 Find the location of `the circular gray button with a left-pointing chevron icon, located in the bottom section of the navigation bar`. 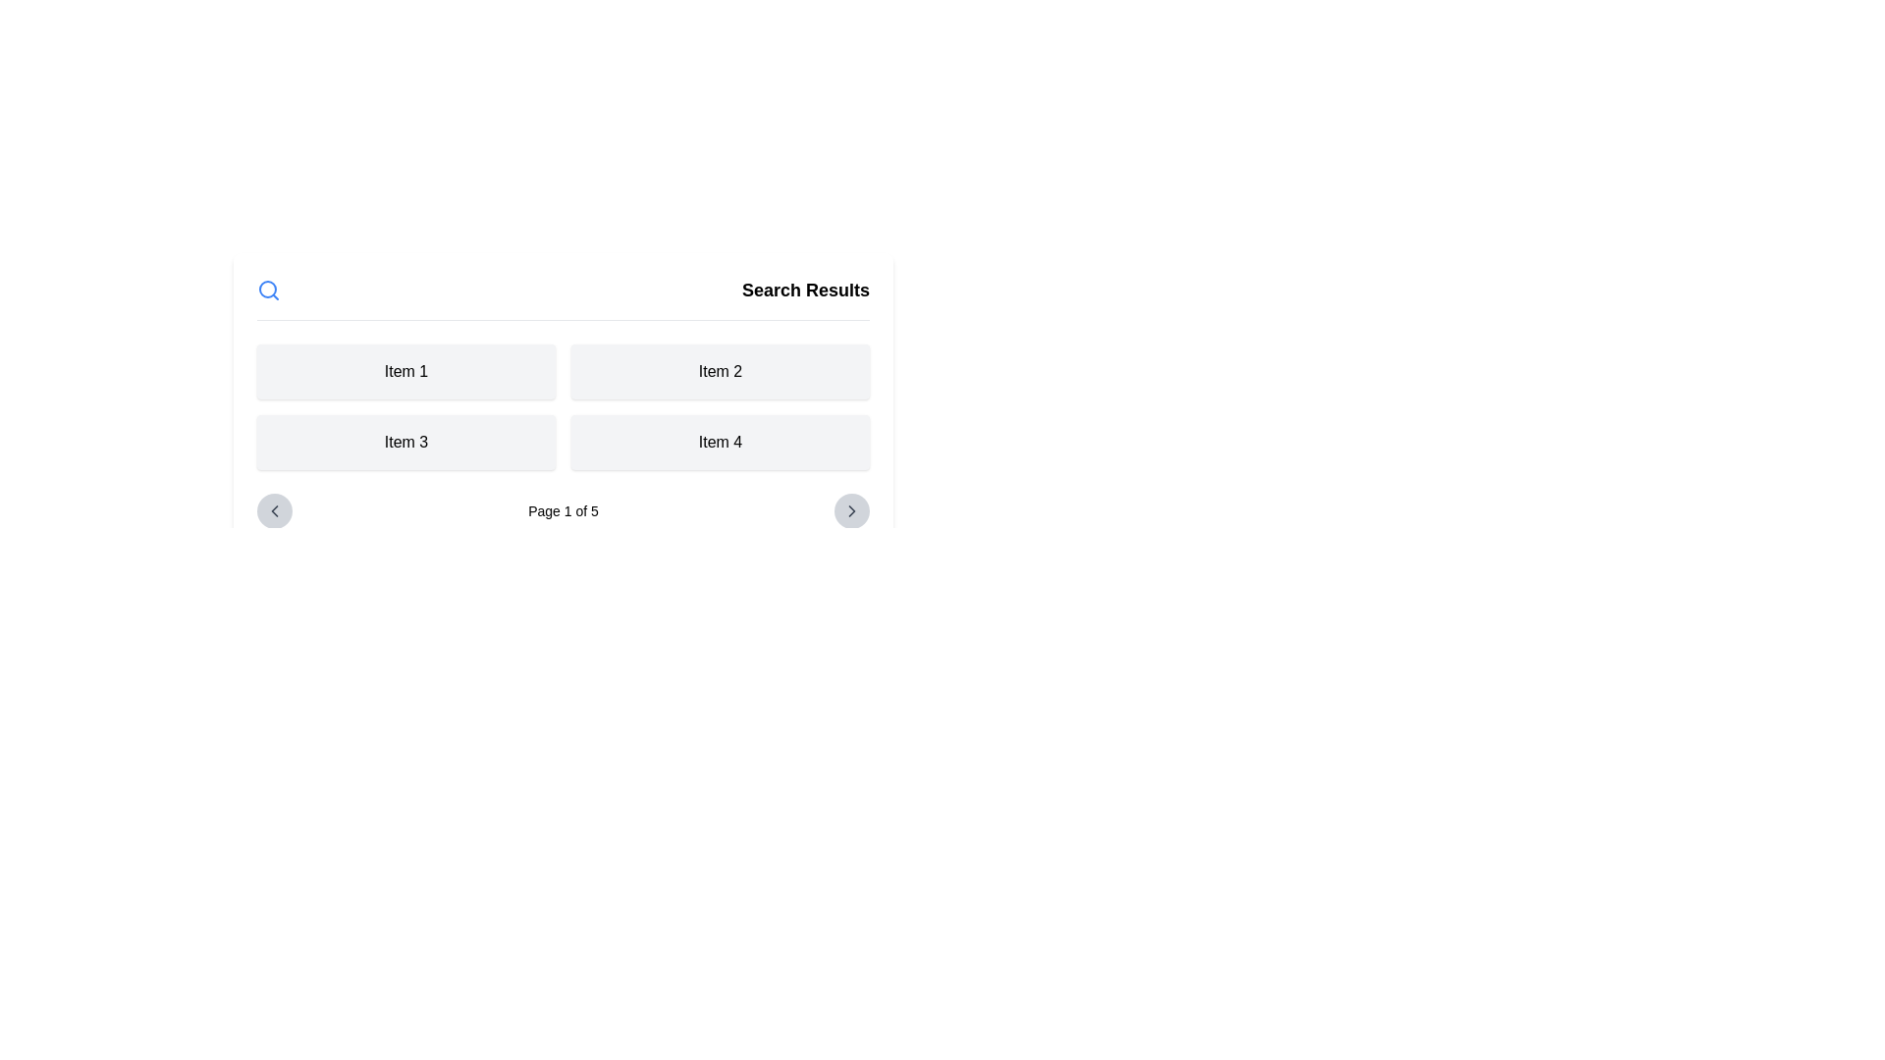

the circular gray button with a left-pointing chevron icon, located in the bottom section of the navigation bar is located at coordinates (273, 509).